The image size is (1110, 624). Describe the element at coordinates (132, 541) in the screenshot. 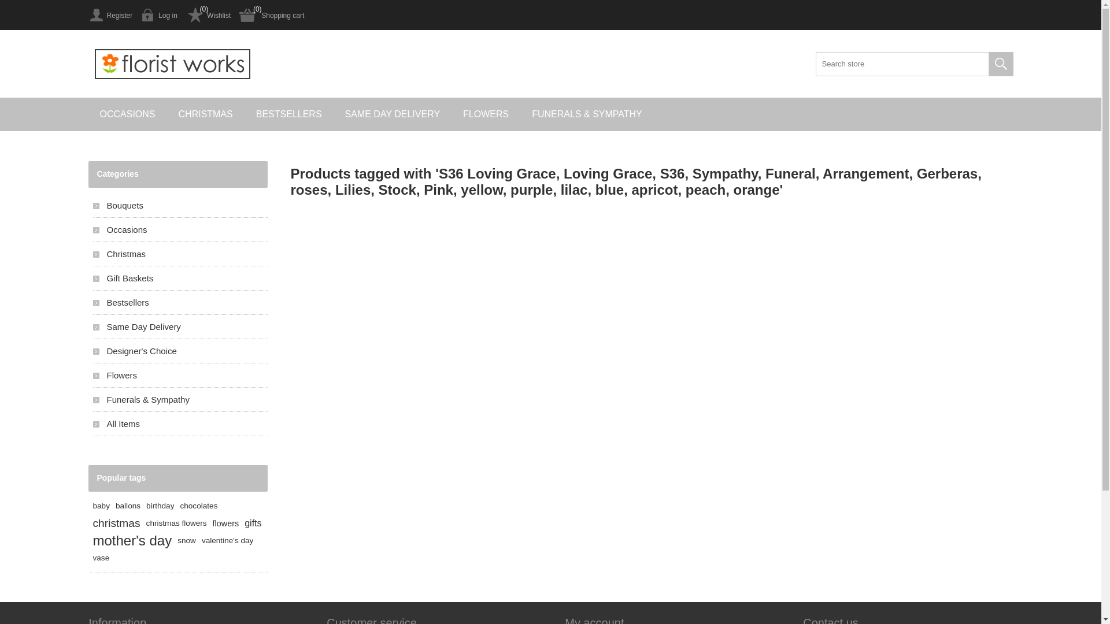

I see `'mother's day'` at that location.